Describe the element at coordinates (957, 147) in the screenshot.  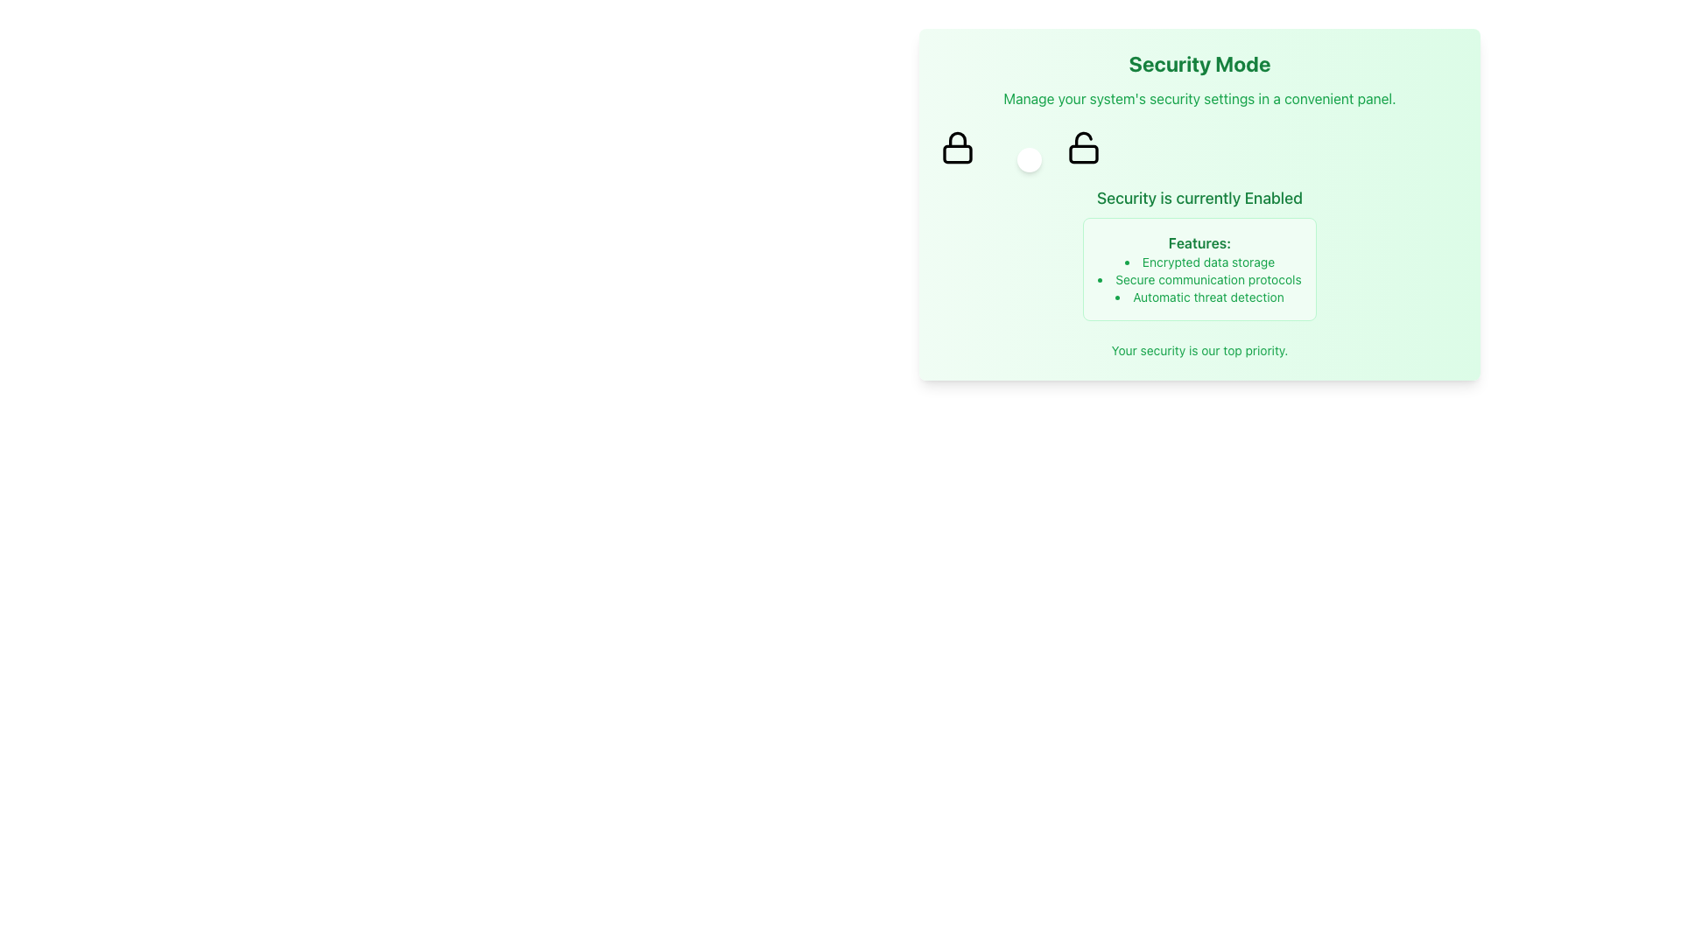
I see `the lock icon in the security settings panel, which indicates the active security status of the system` at that location.